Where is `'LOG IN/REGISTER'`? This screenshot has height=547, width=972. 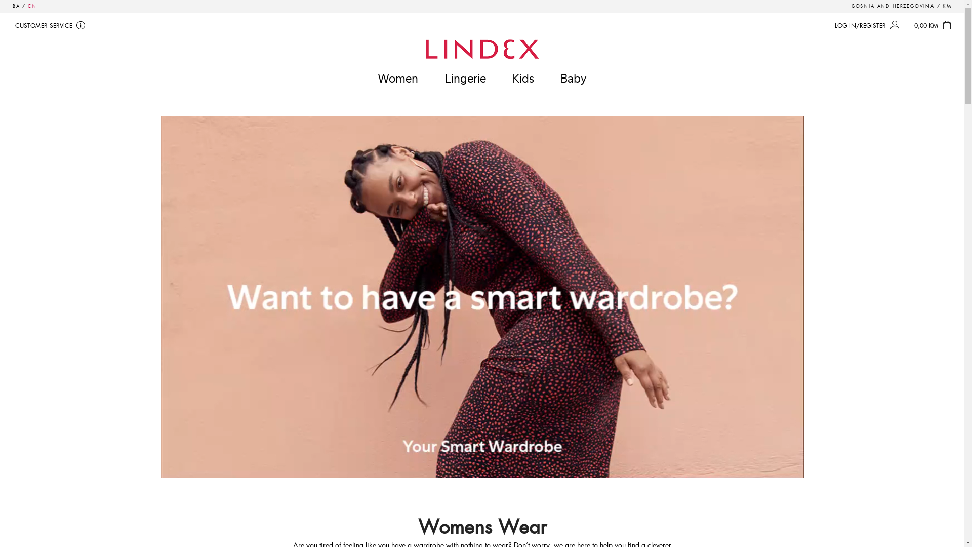
'LOG IN/REGISTER' is located at coordinates (868, 25).